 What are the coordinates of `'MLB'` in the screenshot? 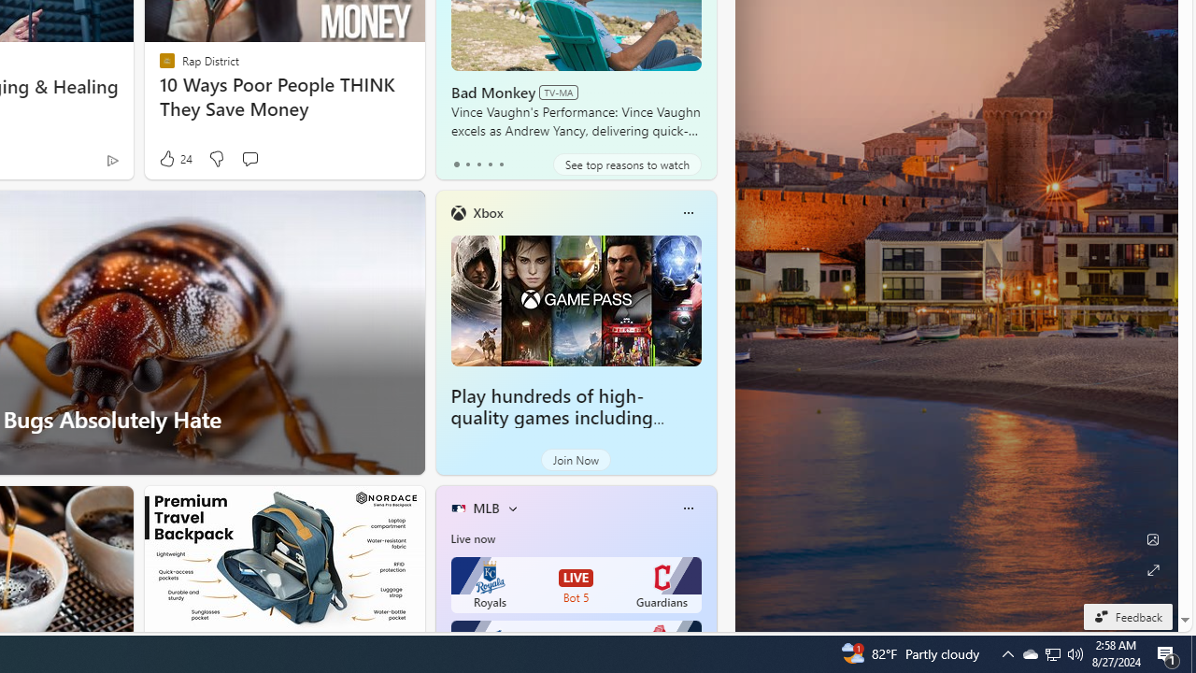 It's located at (486, 508).